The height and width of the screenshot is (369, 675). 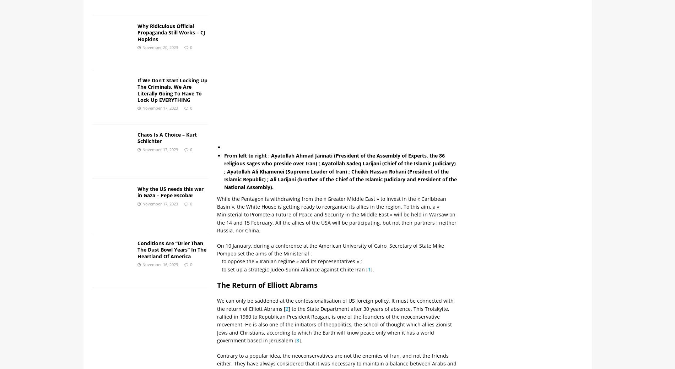 What do you see at coordinates (171, 249) in the screenshot?
I see `'Conditions Are “Drier Than The Dust Bowl Years” In The Heartland Of America'` at bounding box center [171, 249].